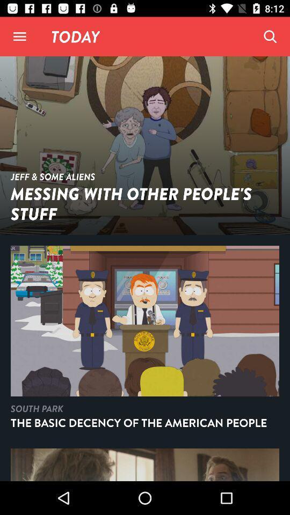 The image size is (290, 515). I want to click on options menu, so click(19, 36).